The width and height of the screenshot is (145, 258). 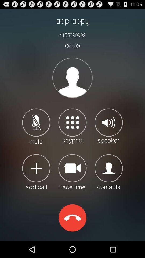 What do you see at coordinates (109, 126) in the screenshot?
I see `increase or decrease the volume` at bounding box center [109, 126].